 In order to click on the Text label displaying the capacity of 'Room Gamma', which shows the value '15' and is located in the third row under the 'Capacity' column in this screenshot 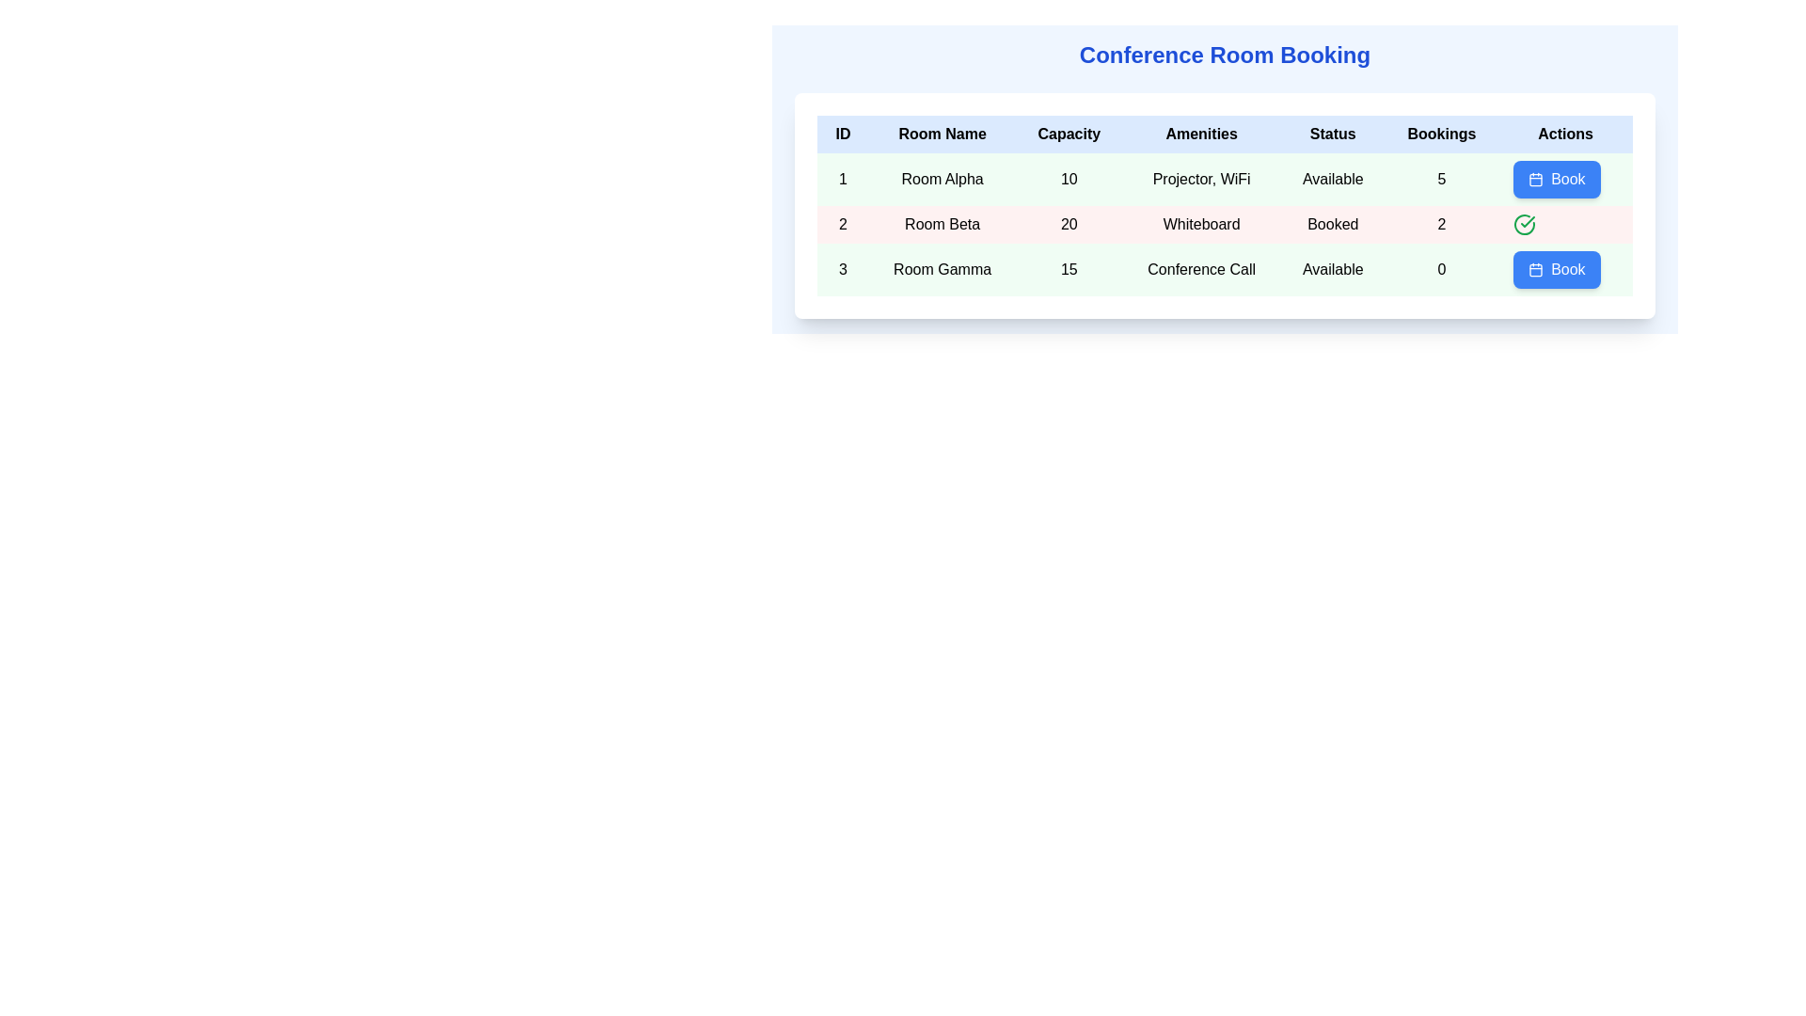, I will do `click(1069, 269)`.